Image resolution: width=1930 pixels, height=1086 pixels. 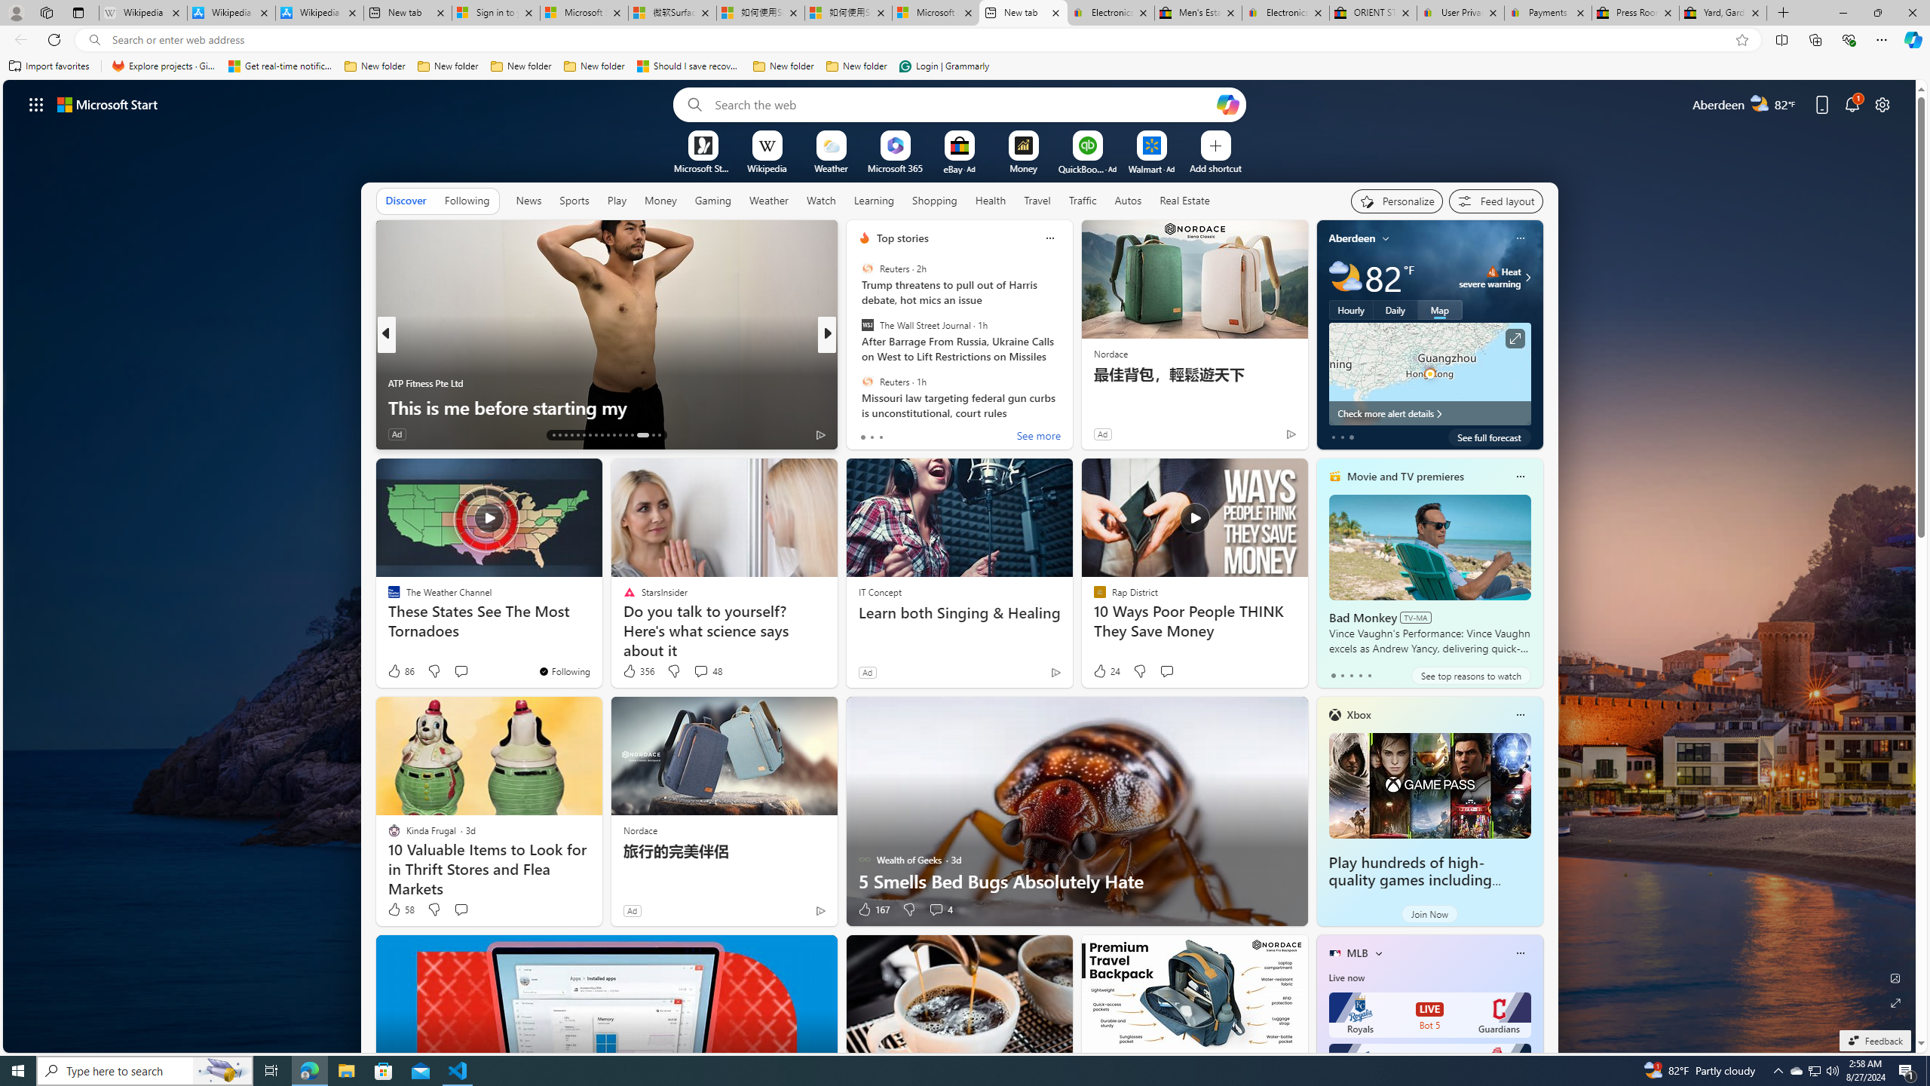 What do you see at coordinates (768, 199) in the screenshot?
I see `'Weather'` at bounding box center [768, 199].